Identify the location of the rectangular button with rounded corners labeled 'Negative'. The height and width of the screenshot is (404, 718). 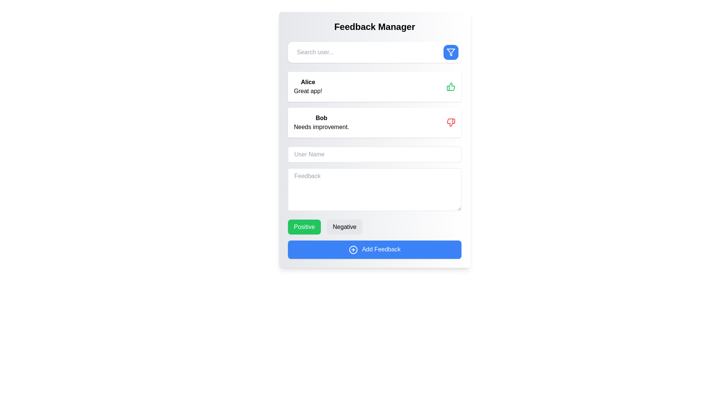
(344, 226).